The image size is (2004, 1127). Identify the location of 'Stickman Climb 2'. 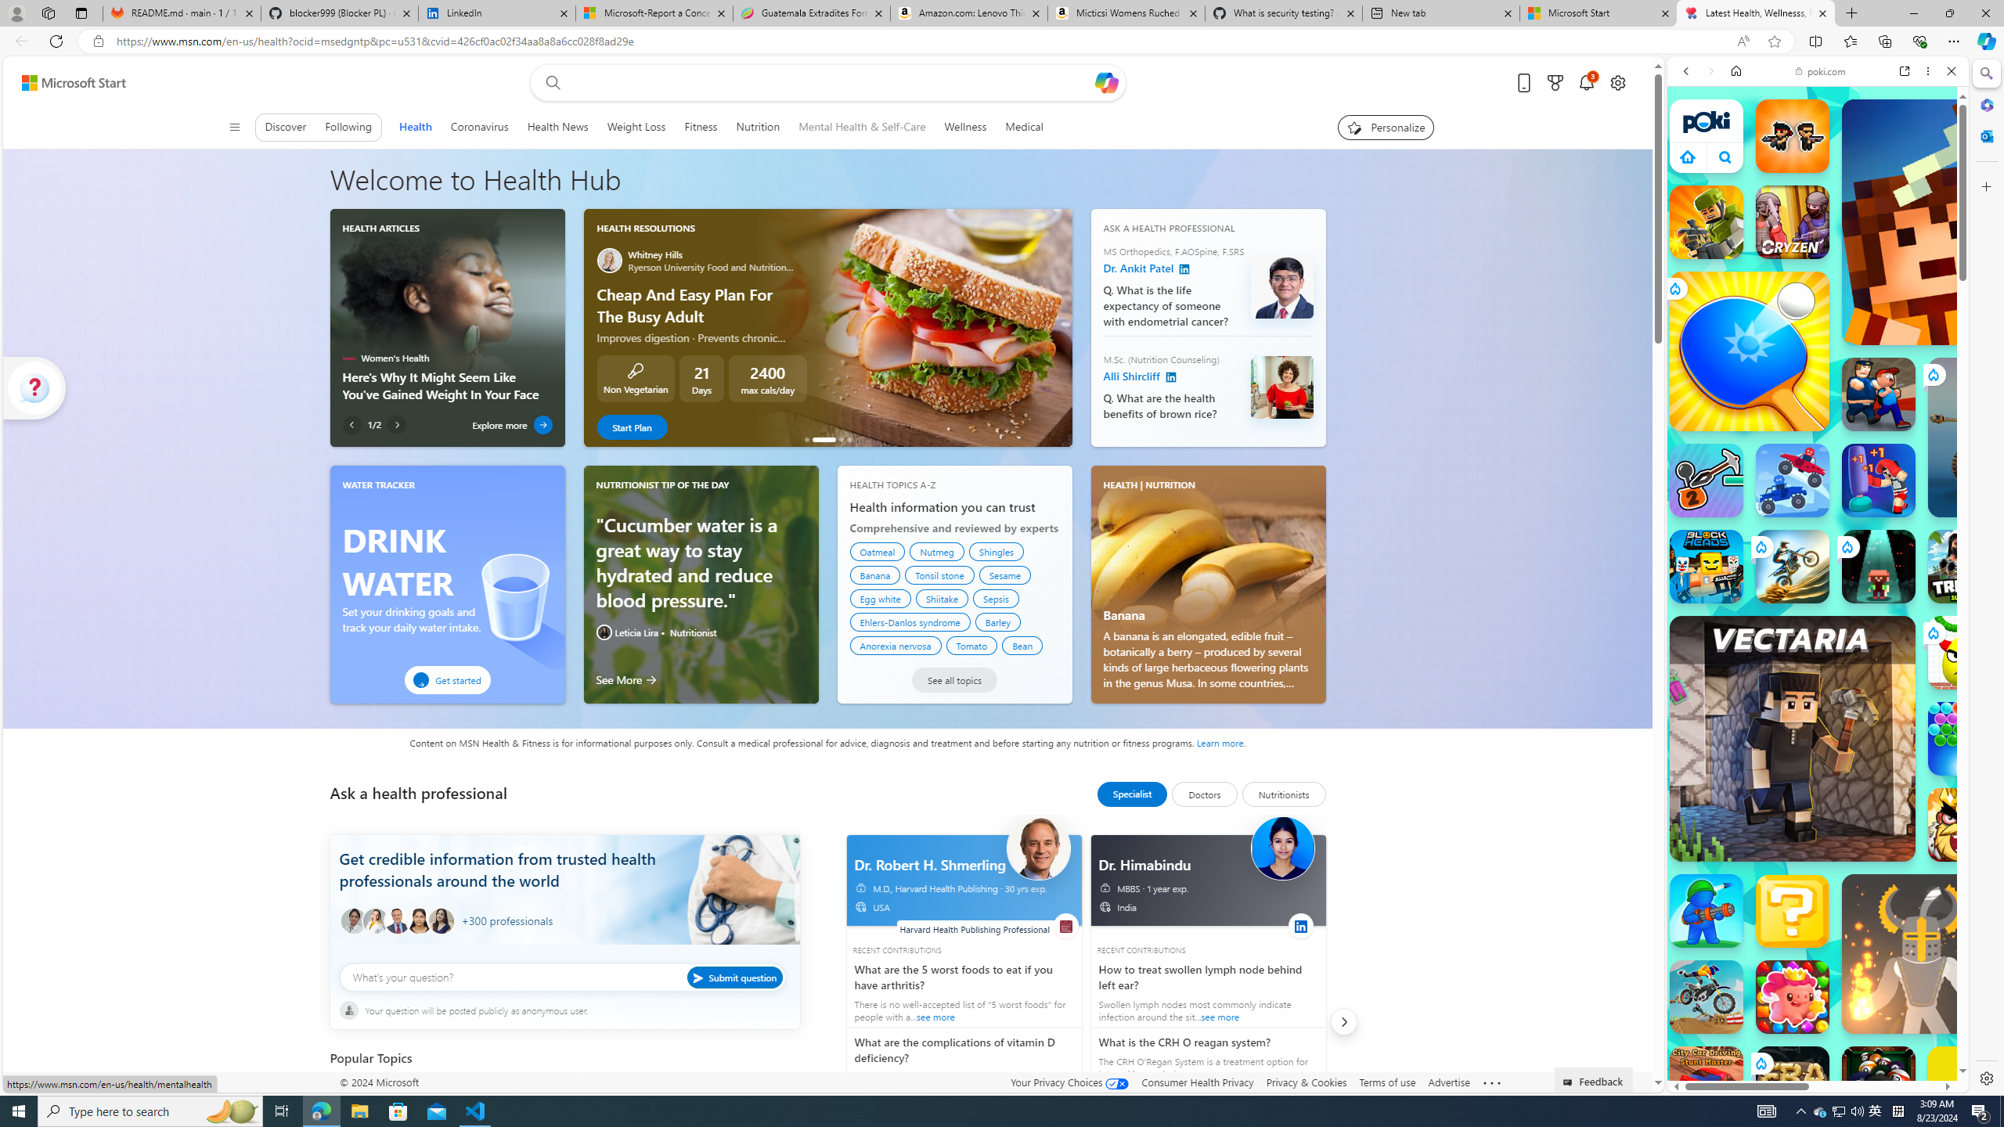
(1705, 480).